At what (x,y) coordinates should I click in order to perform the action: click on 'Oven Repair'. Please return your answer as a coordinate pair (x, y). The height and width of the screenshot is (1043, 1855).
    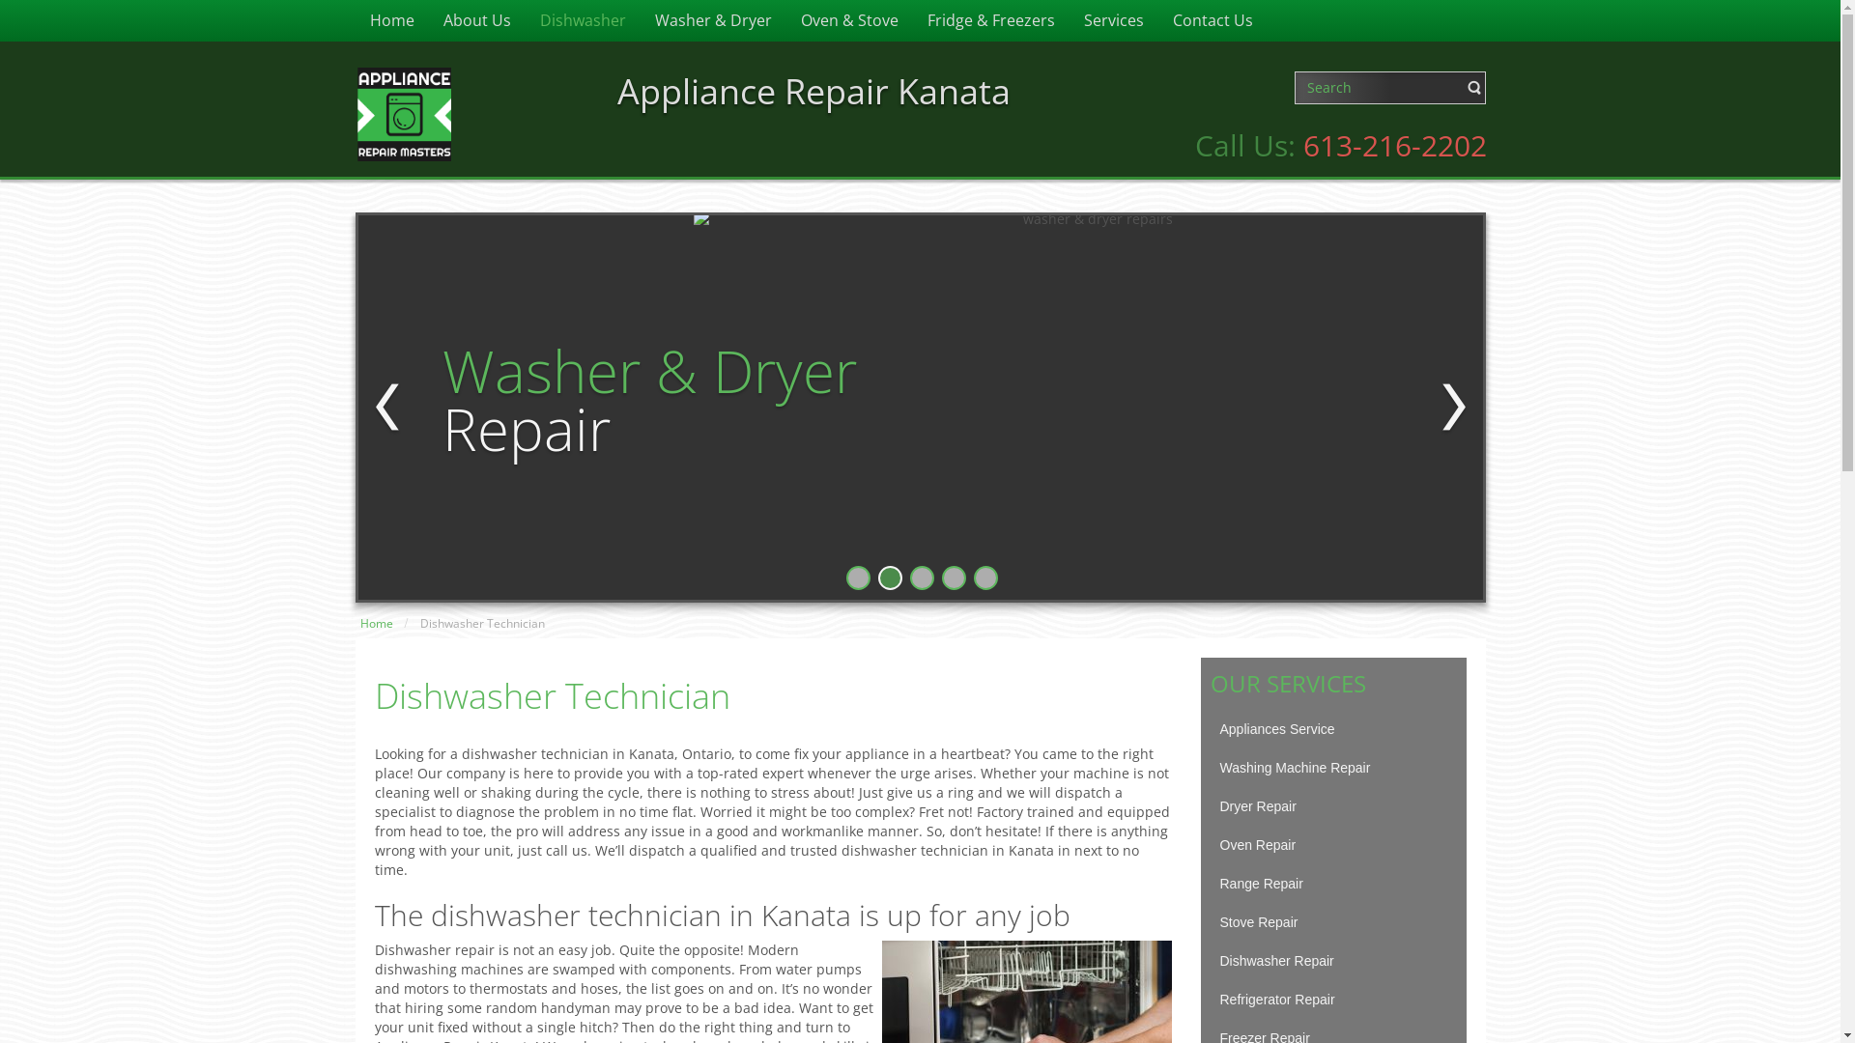
    Looking at the image, I should click on (1331, 844).